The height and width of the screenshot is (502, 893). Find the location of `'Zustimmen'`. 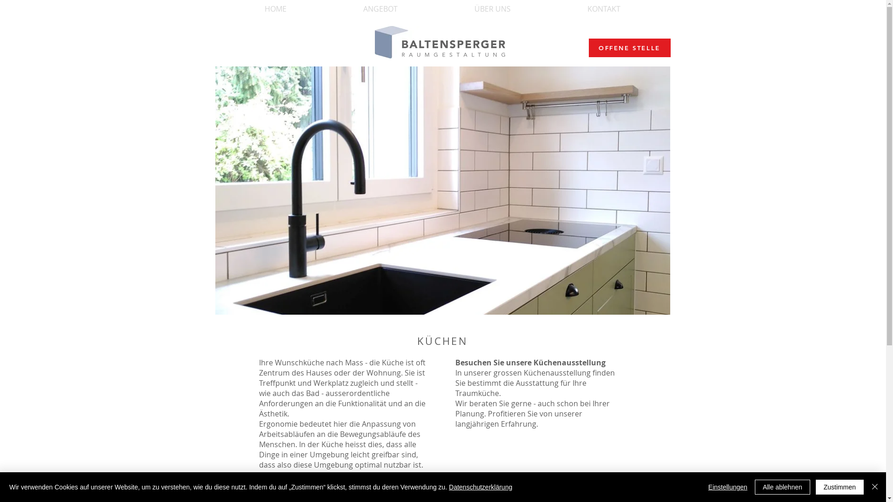

'Zustimmen' is located at coordinates (815, 487).